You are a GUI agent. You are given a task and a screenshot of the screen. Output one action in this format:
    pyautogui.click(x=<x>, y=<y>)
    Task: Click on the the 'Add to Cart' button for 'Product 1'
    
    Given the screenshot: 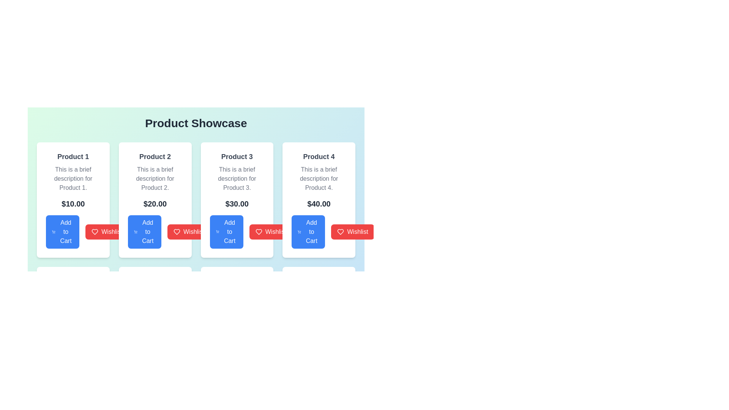 What is the action you would take?
    pyautogui.click(x=63, y=231)
    